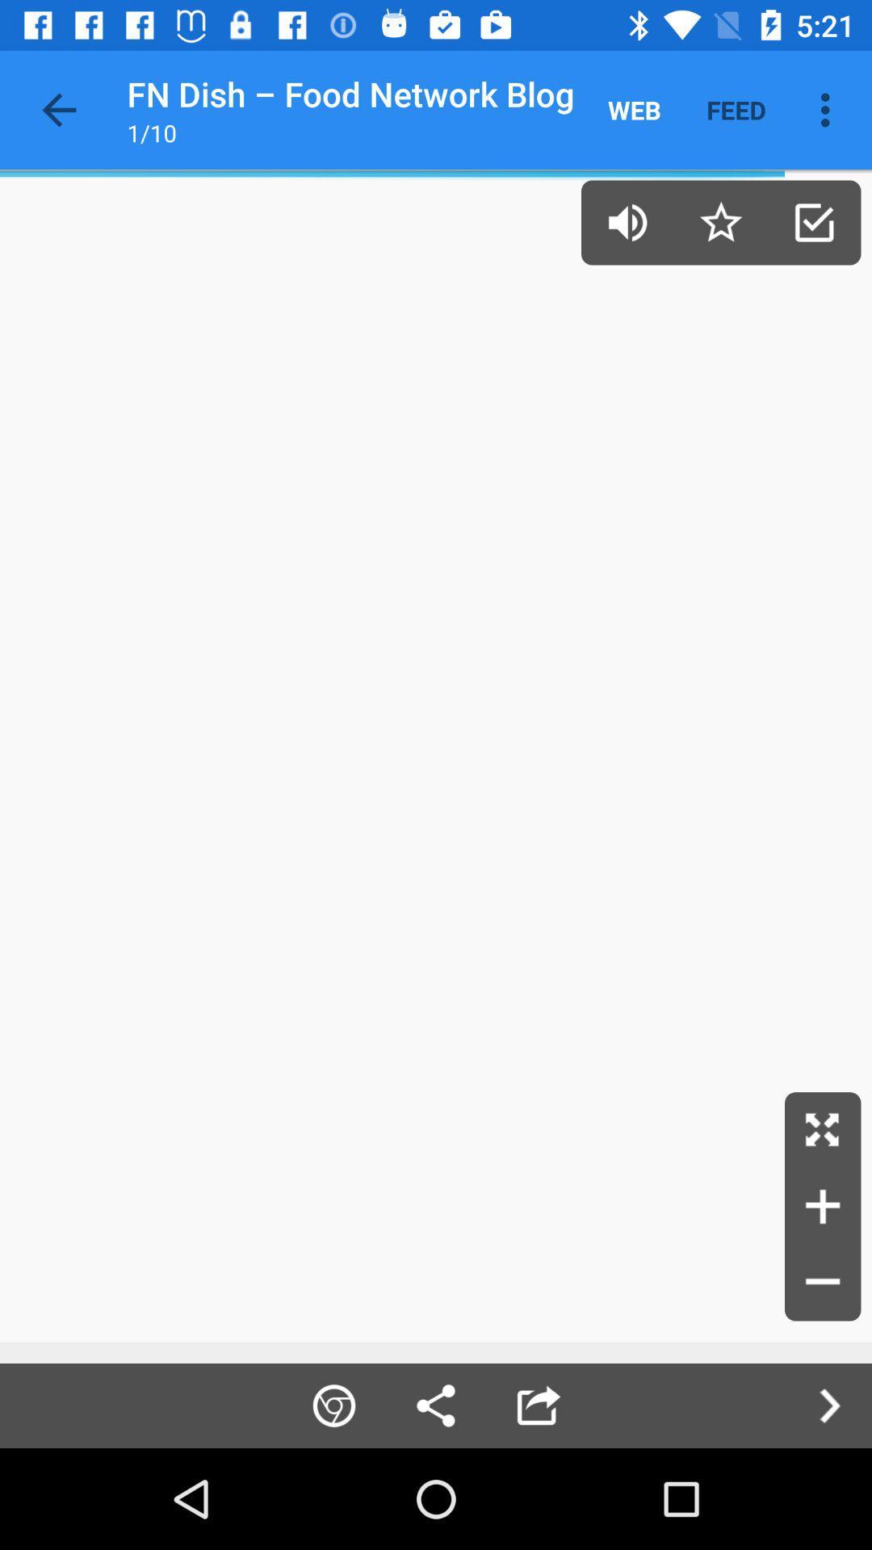 Image resolution: width=872 pixels, height=1550 pixels. I want to click on mute audio, so click(627, 221).